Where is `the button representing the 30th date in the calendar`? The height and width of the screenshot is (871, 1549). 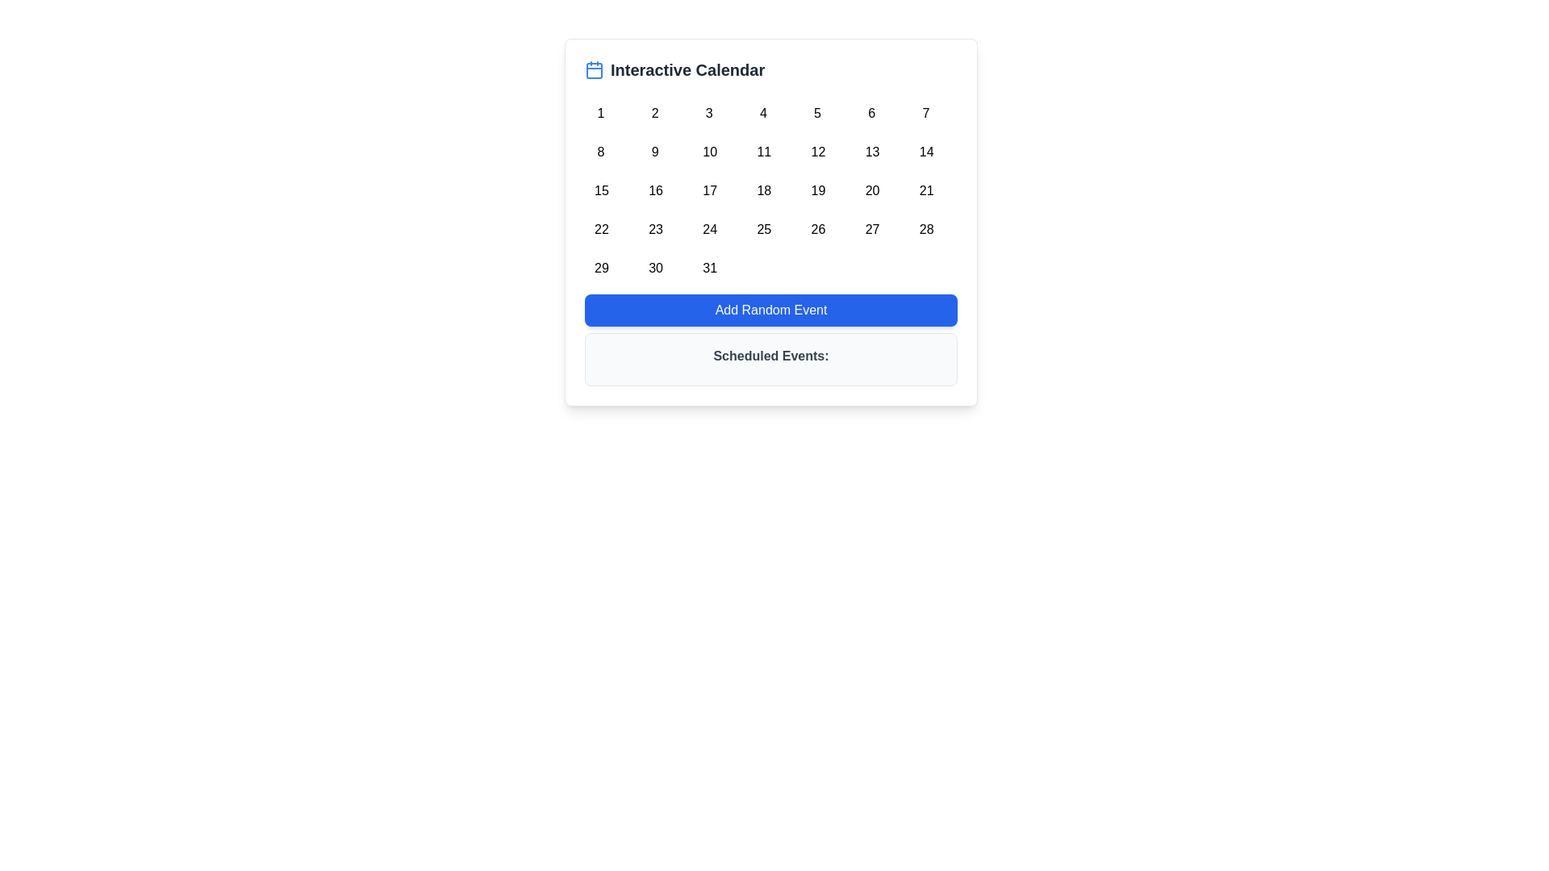 the button representing the 30th date in the calendar is located at coordinates (655, 264).